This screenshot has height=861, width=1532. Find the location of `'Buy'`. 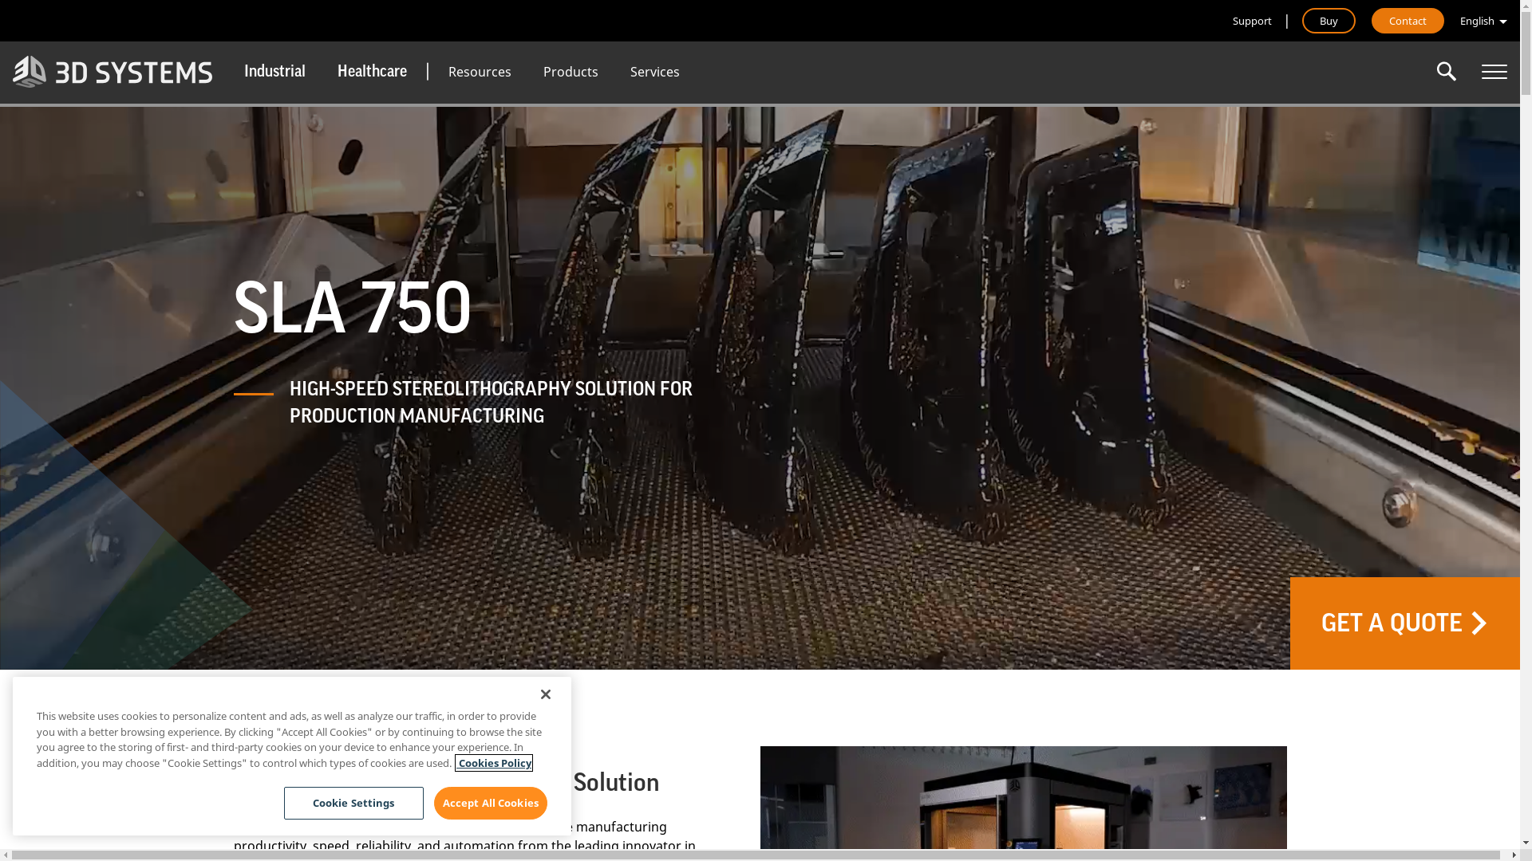

'Buy' is located at coordinates (1329, 21).